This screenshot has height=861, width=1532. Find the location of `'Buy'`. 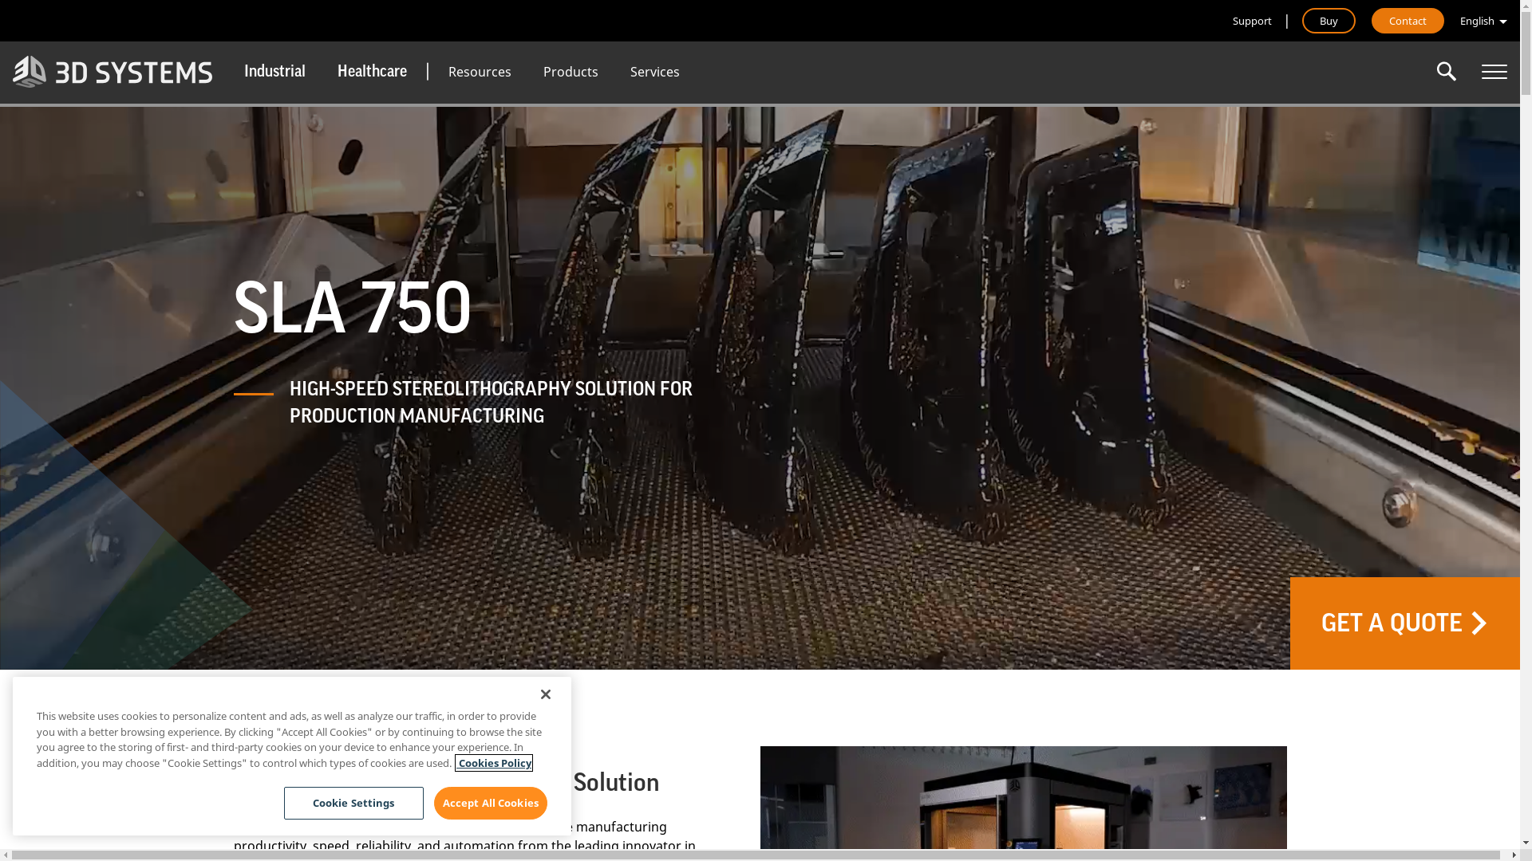

'Buy' is located at coordinates (1329, 21).